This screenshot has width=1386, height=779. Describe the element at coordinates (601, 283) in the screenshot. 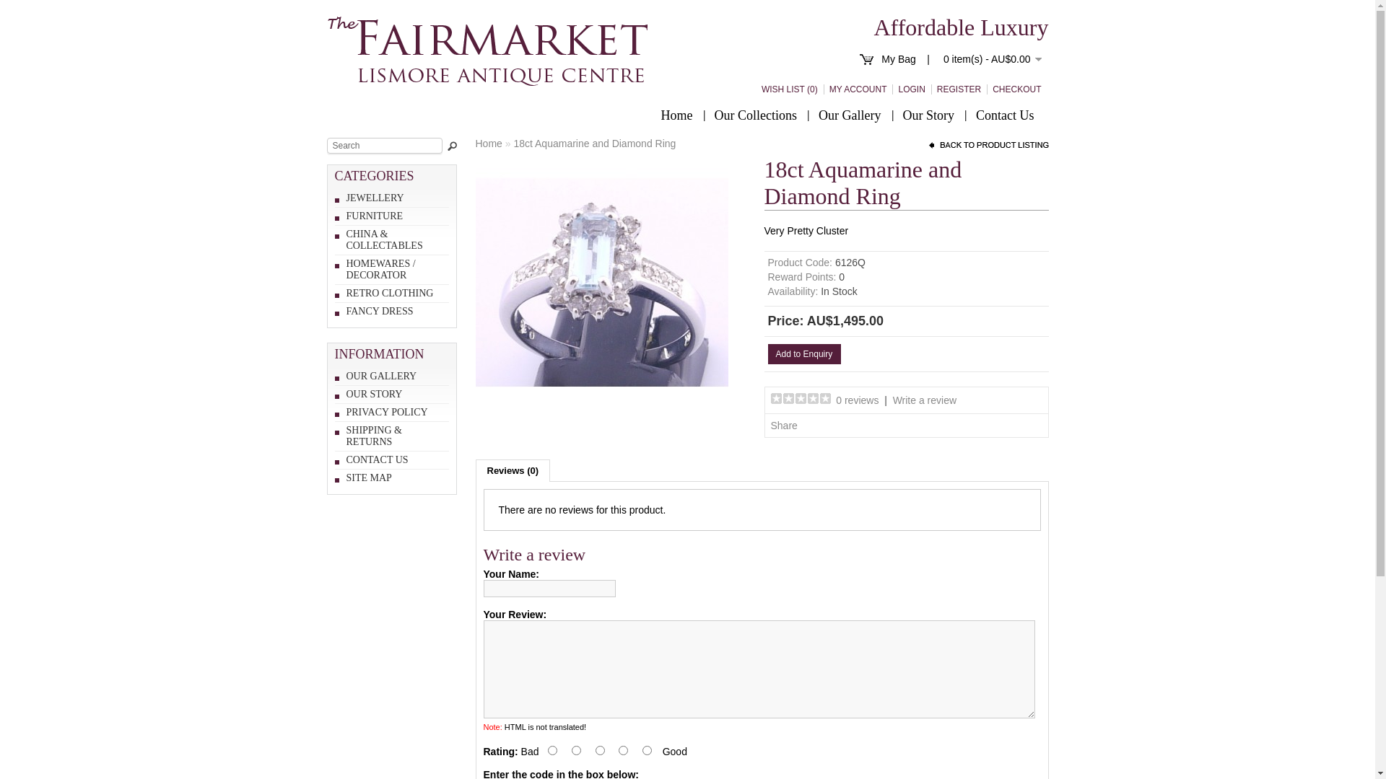

I see `'18ct Aquamarine and Diamond Ring'` at that location.